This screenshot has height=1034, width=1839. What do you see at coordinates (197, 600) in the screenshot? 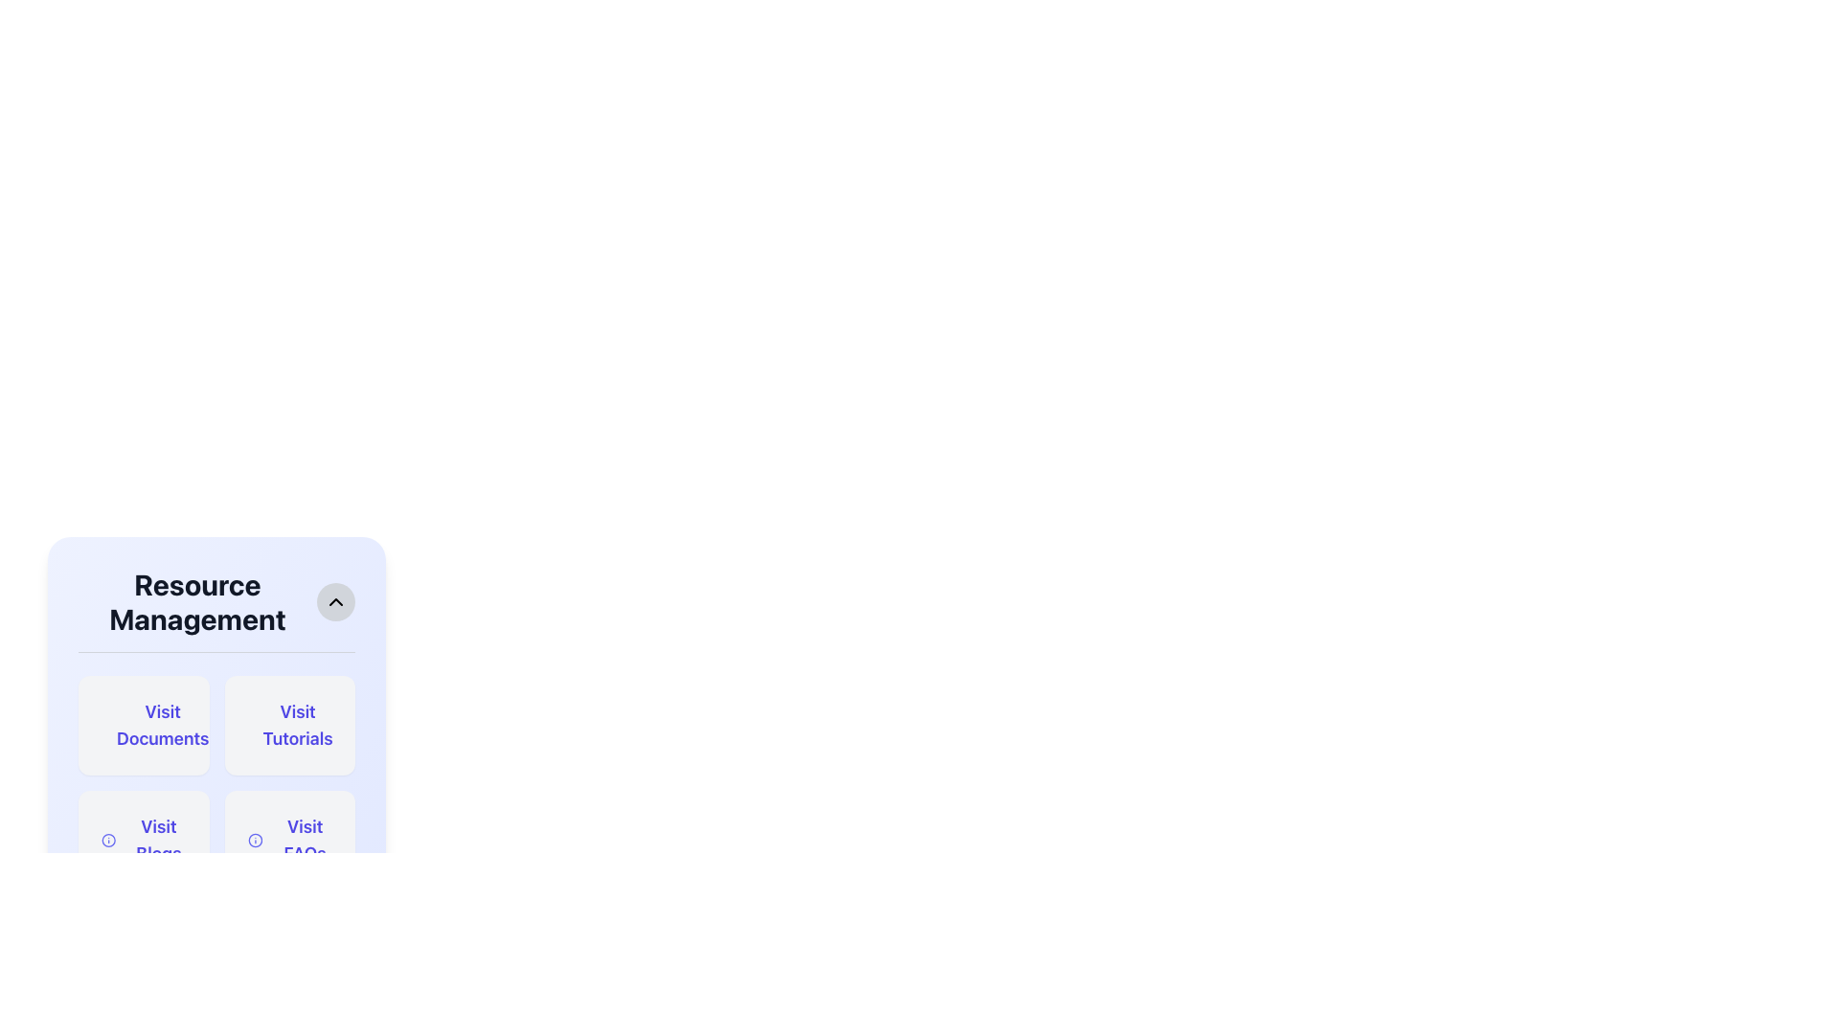
I see `header text element positioned to the left of a circular icon, providing context for the current section` at bounding box center [197, 600].